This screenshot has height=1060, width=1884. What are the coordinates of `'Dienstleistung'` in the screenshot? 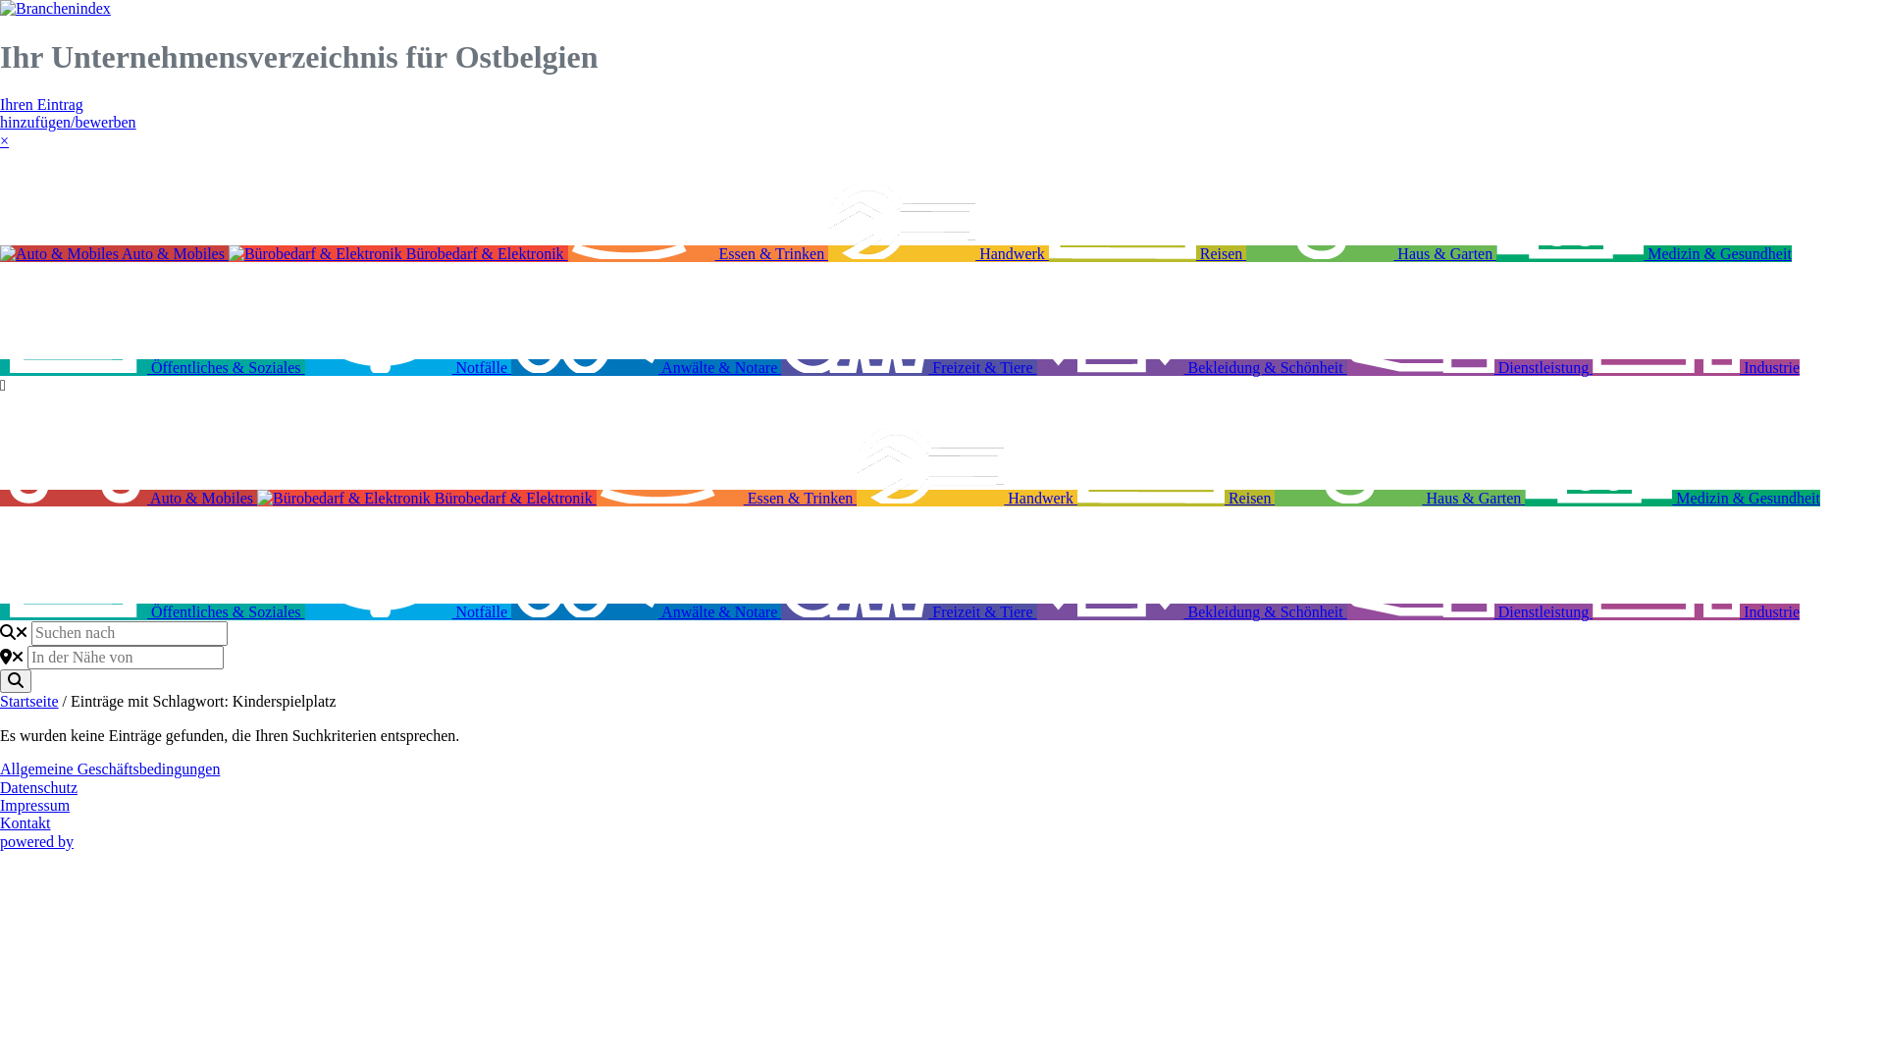 It's located at (1469, 367).